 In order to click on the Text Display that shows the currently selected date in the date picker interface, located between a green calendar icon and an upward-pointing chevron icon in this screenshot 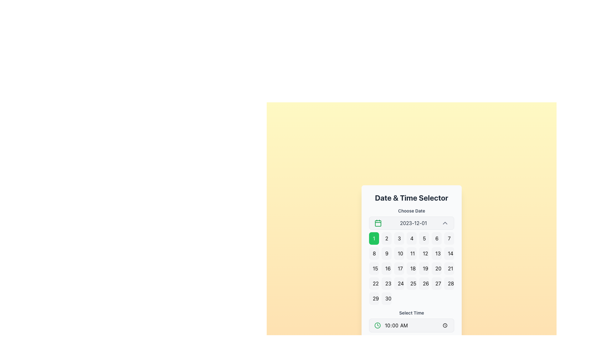, I will do `click(413, 223)`.